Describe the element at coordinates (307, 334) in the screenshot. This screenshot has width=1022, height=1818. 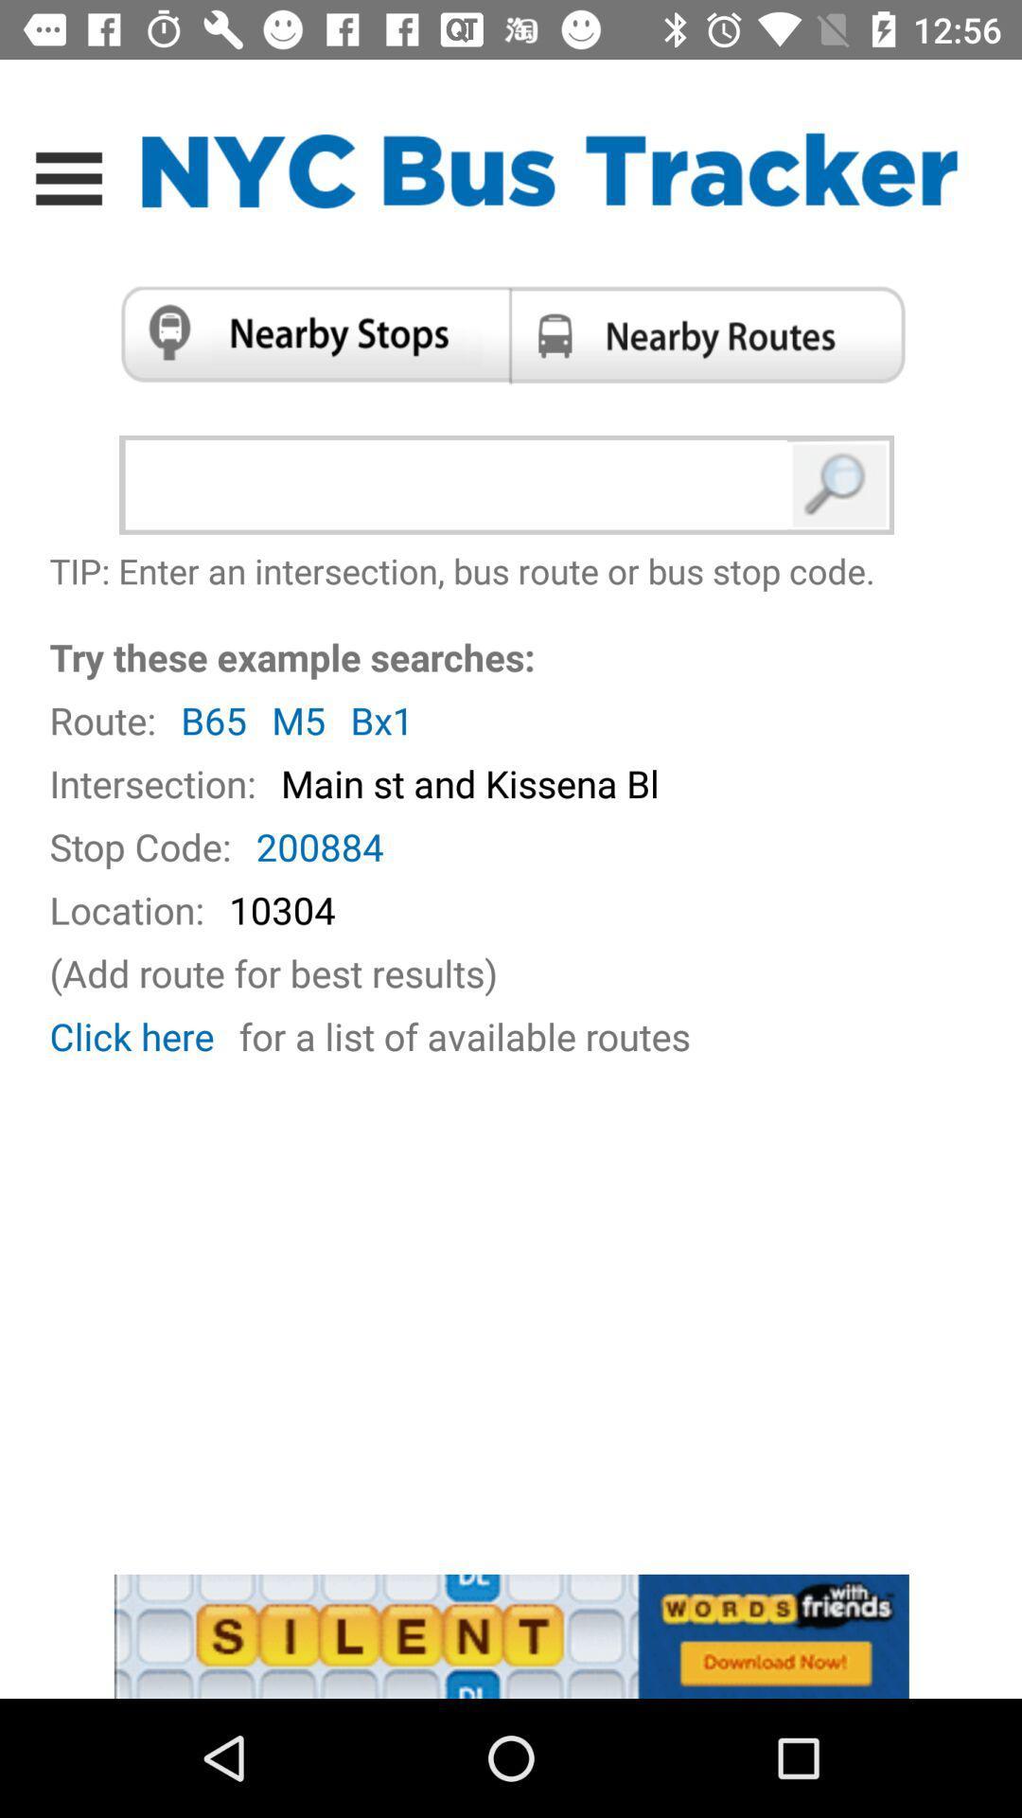
I see `stop of peace` at that location.